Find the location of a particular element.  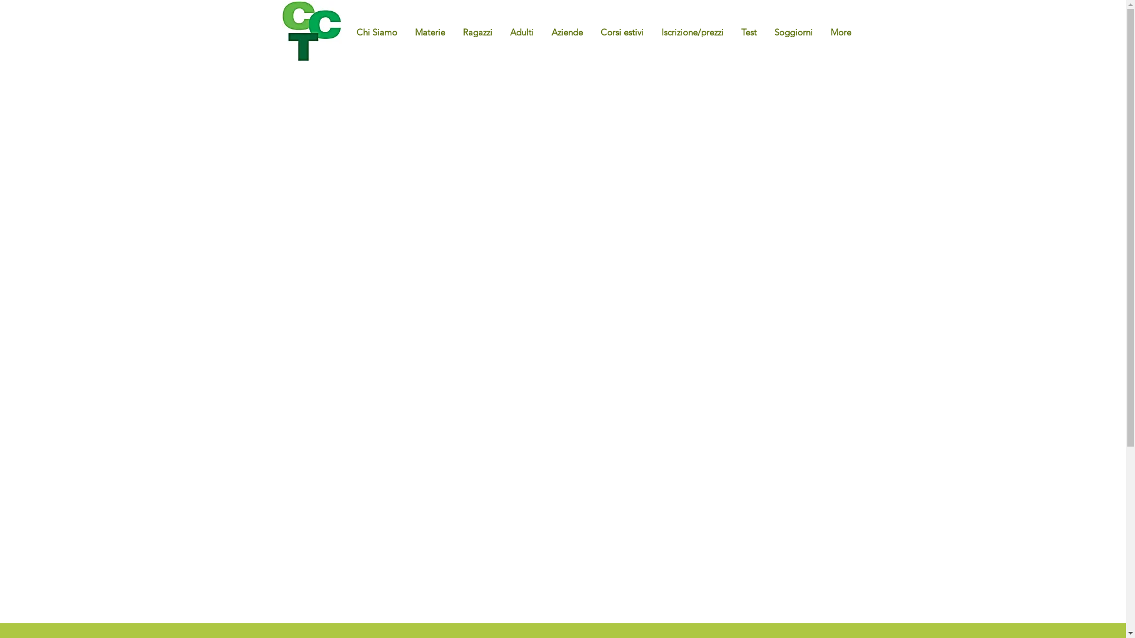

'Iscrizione/prezzi' is located at coordinates (652, 31).